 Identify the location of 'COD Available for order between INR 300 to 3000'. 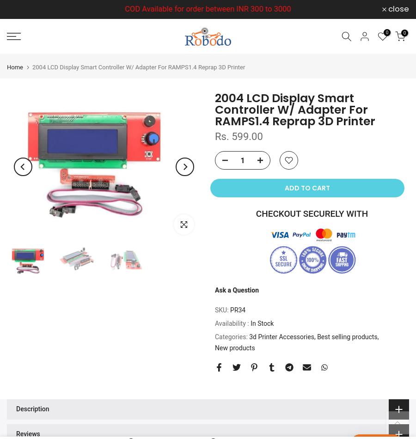
(208, 9).